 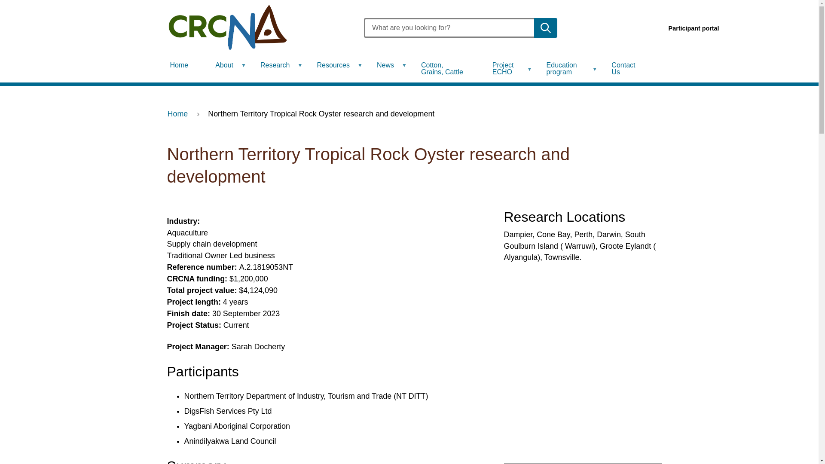 I want to click on 'Skip to main content', so click(x=0, y=0).